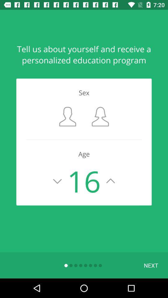 The width and height of the screenshot is (168, 298). I want to click on the expand_more icon, so click(57, 181).